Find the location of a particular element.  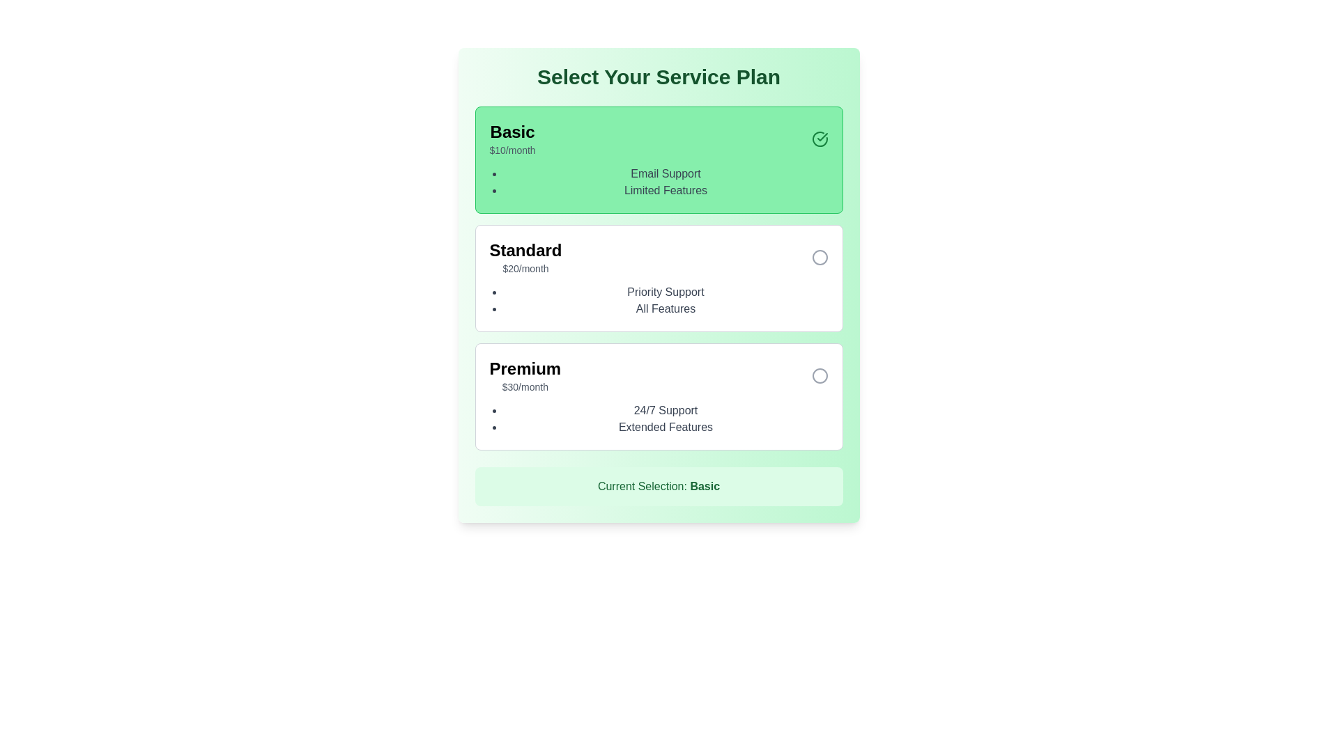

the informational label indicating that the 'Standard' service plan includes all features, which is displayed as the second item in the bulleted list under the 'Standard' service plan section is located at coordinates (665, 308).